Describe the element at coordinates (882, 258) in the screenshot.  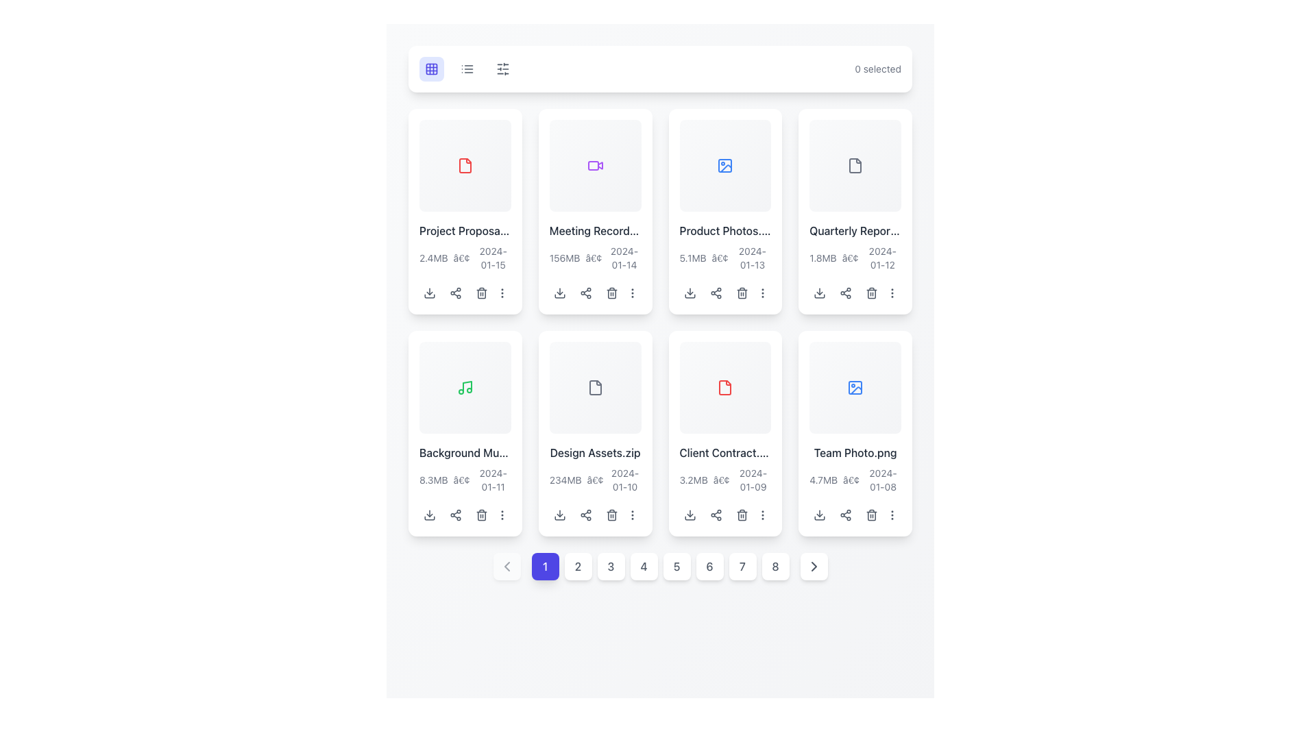
I see `the Text Label displaying '2024-01-12', which is styled in gray font and part of the informational row for the 'Quarterly Report'` at that location.